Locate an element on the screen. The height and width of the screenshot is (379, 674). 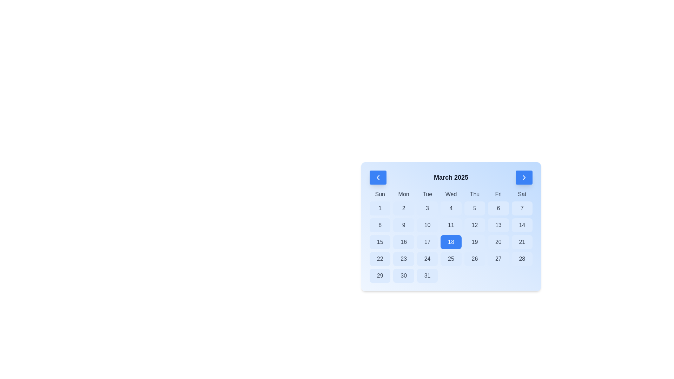
the interactive button representing the date '28' in the calendar is located at coordinates (522, 259).